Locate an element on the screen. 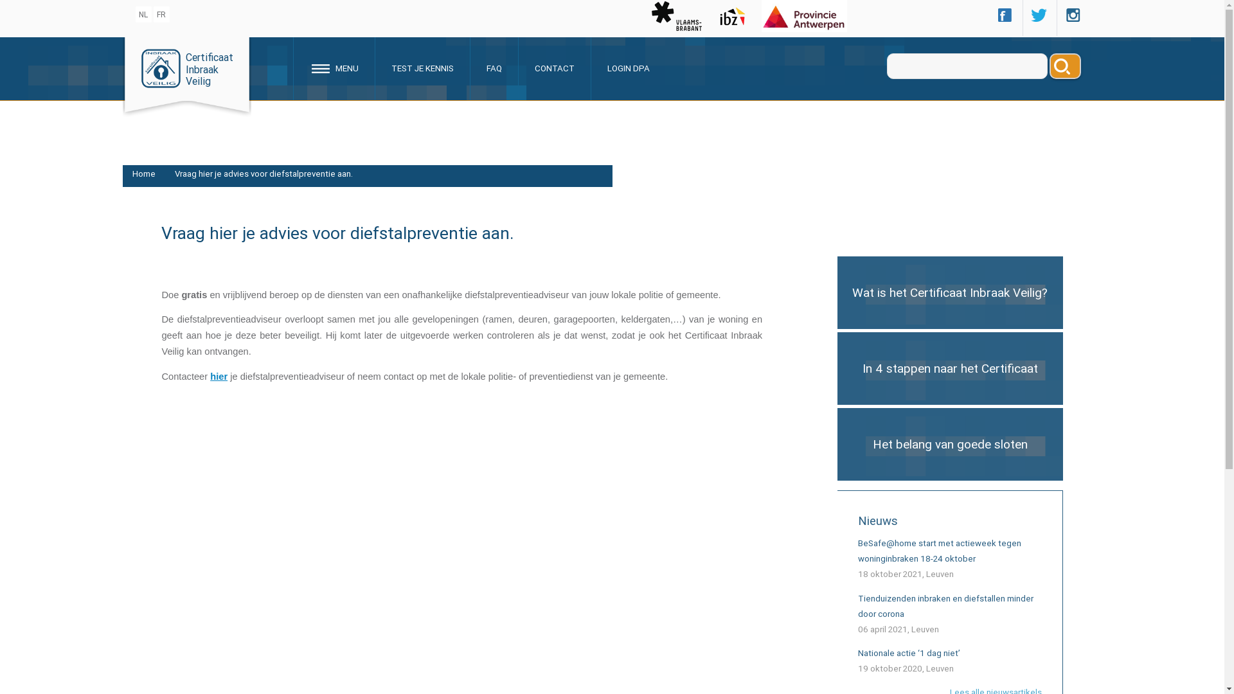 This screenshot has width=1234, height=694. 'CONTACT' is located at coordinates (554, 69).